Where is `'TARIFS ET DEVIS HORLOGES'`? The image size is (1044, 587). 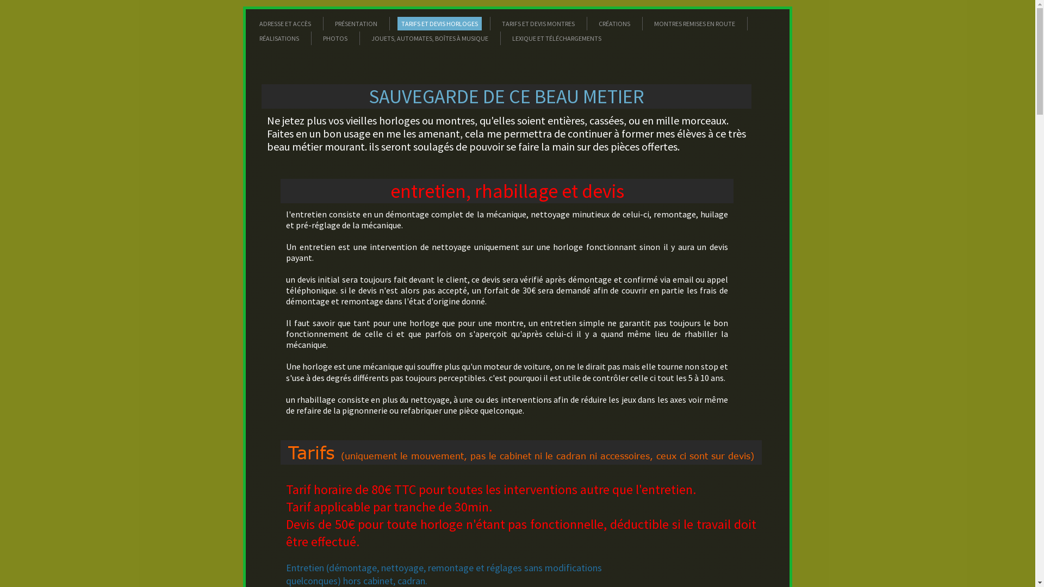
'TARIFS ET DEVIS HORLOGES' is located at coordinates (439, 23).